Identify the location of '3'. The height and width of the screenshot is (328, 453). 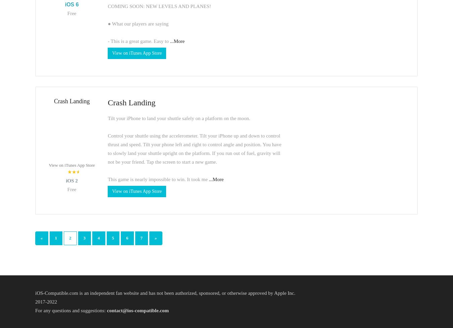
(84, 238).